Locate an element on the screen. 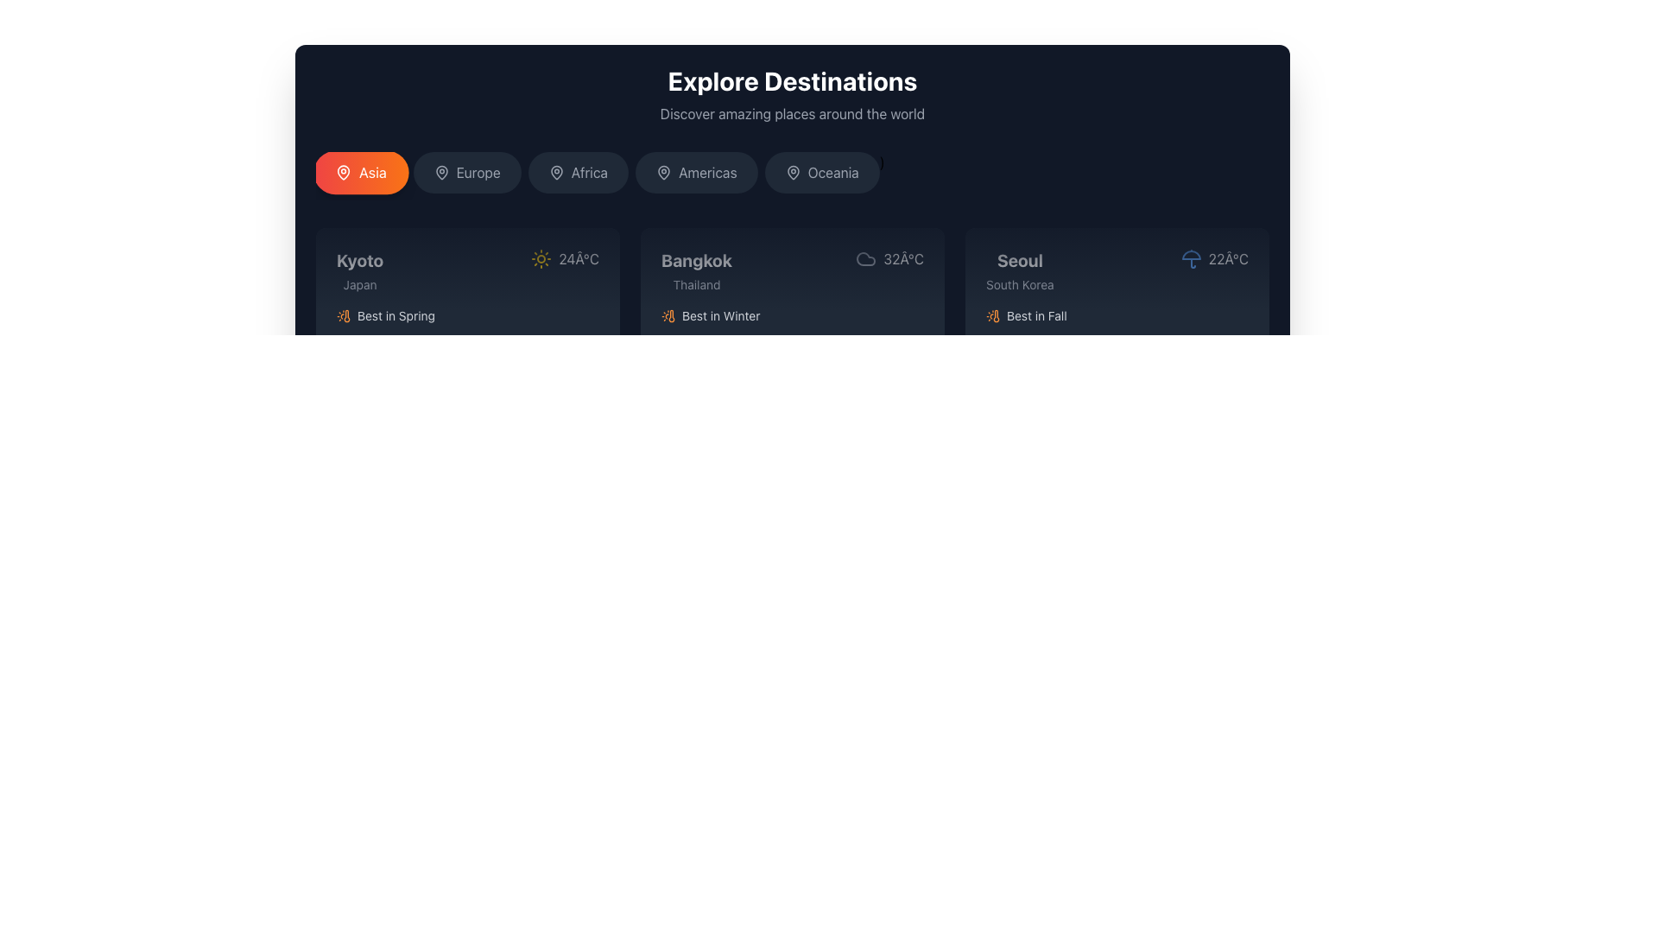 This screenshot has height=933, width=1658. the button labeled 'Americas' which contains the pin-shaped icon representing a location marker is located at coordinates (662, 173).